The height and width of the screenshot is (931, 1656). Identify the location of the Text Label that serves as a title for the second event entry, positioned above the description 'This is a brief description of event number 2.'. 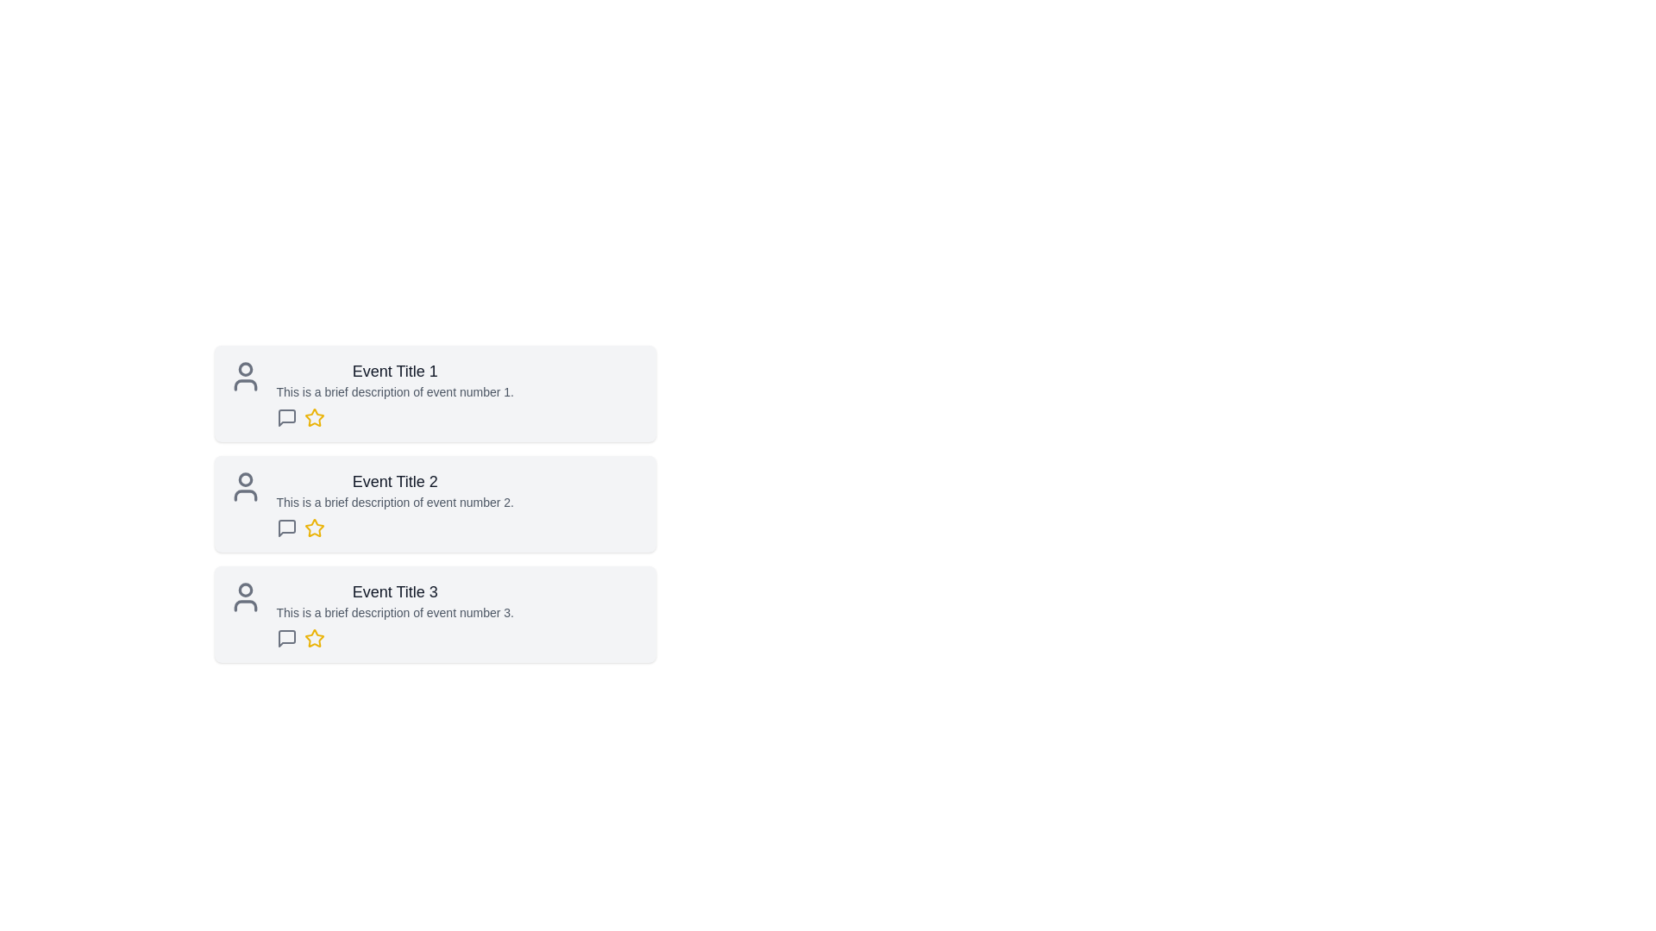
(394, 482).